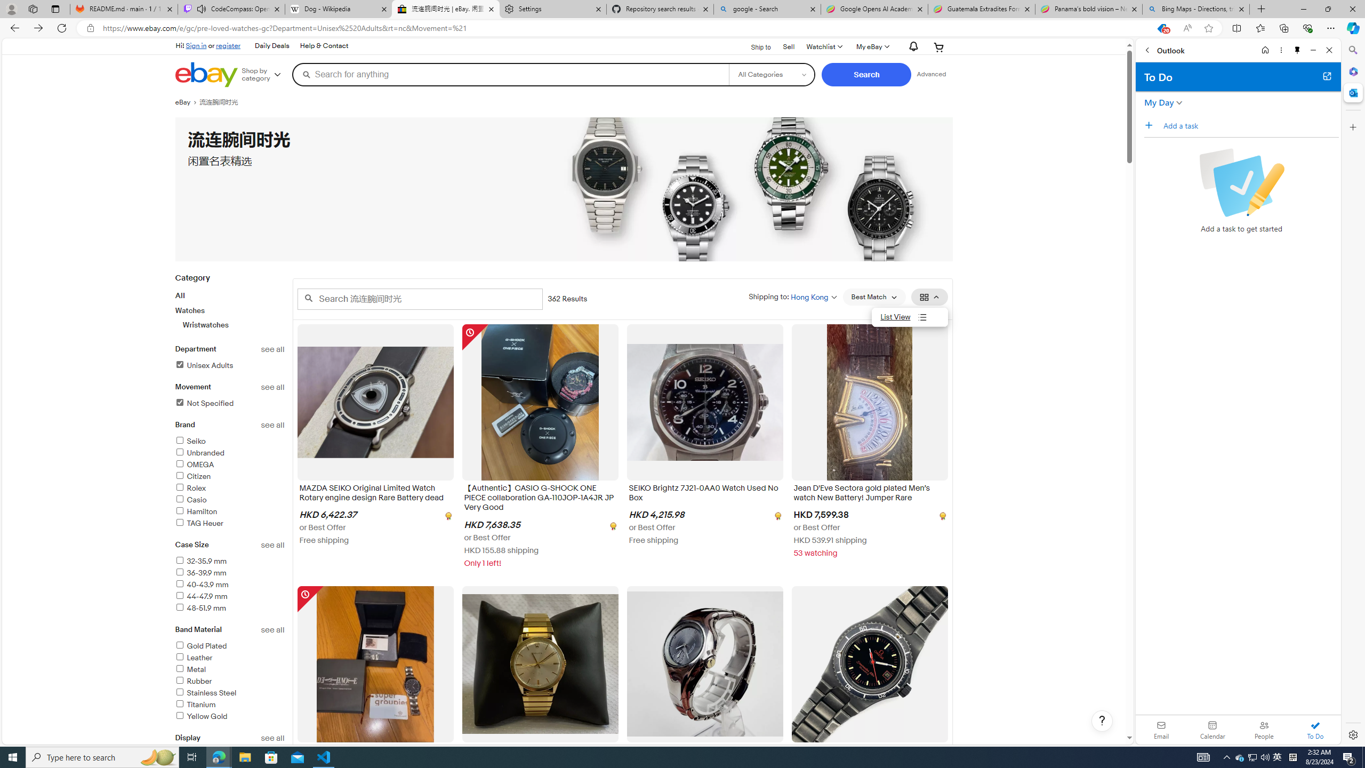  What do you see at coordinates (793, 296) in the screenshot?
I see `'Shipping to: Hong Kong'` at bounding box center [793, 296].